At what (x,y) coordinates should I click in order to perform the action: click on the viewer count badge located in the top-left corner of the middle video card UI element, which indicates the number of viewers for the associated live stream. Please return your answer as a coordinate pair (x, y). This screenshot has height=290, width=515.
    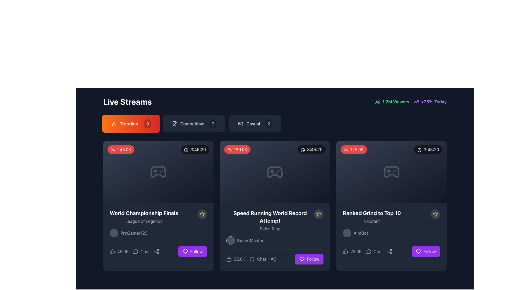
    Looking at the image, I should click on (237, 149).